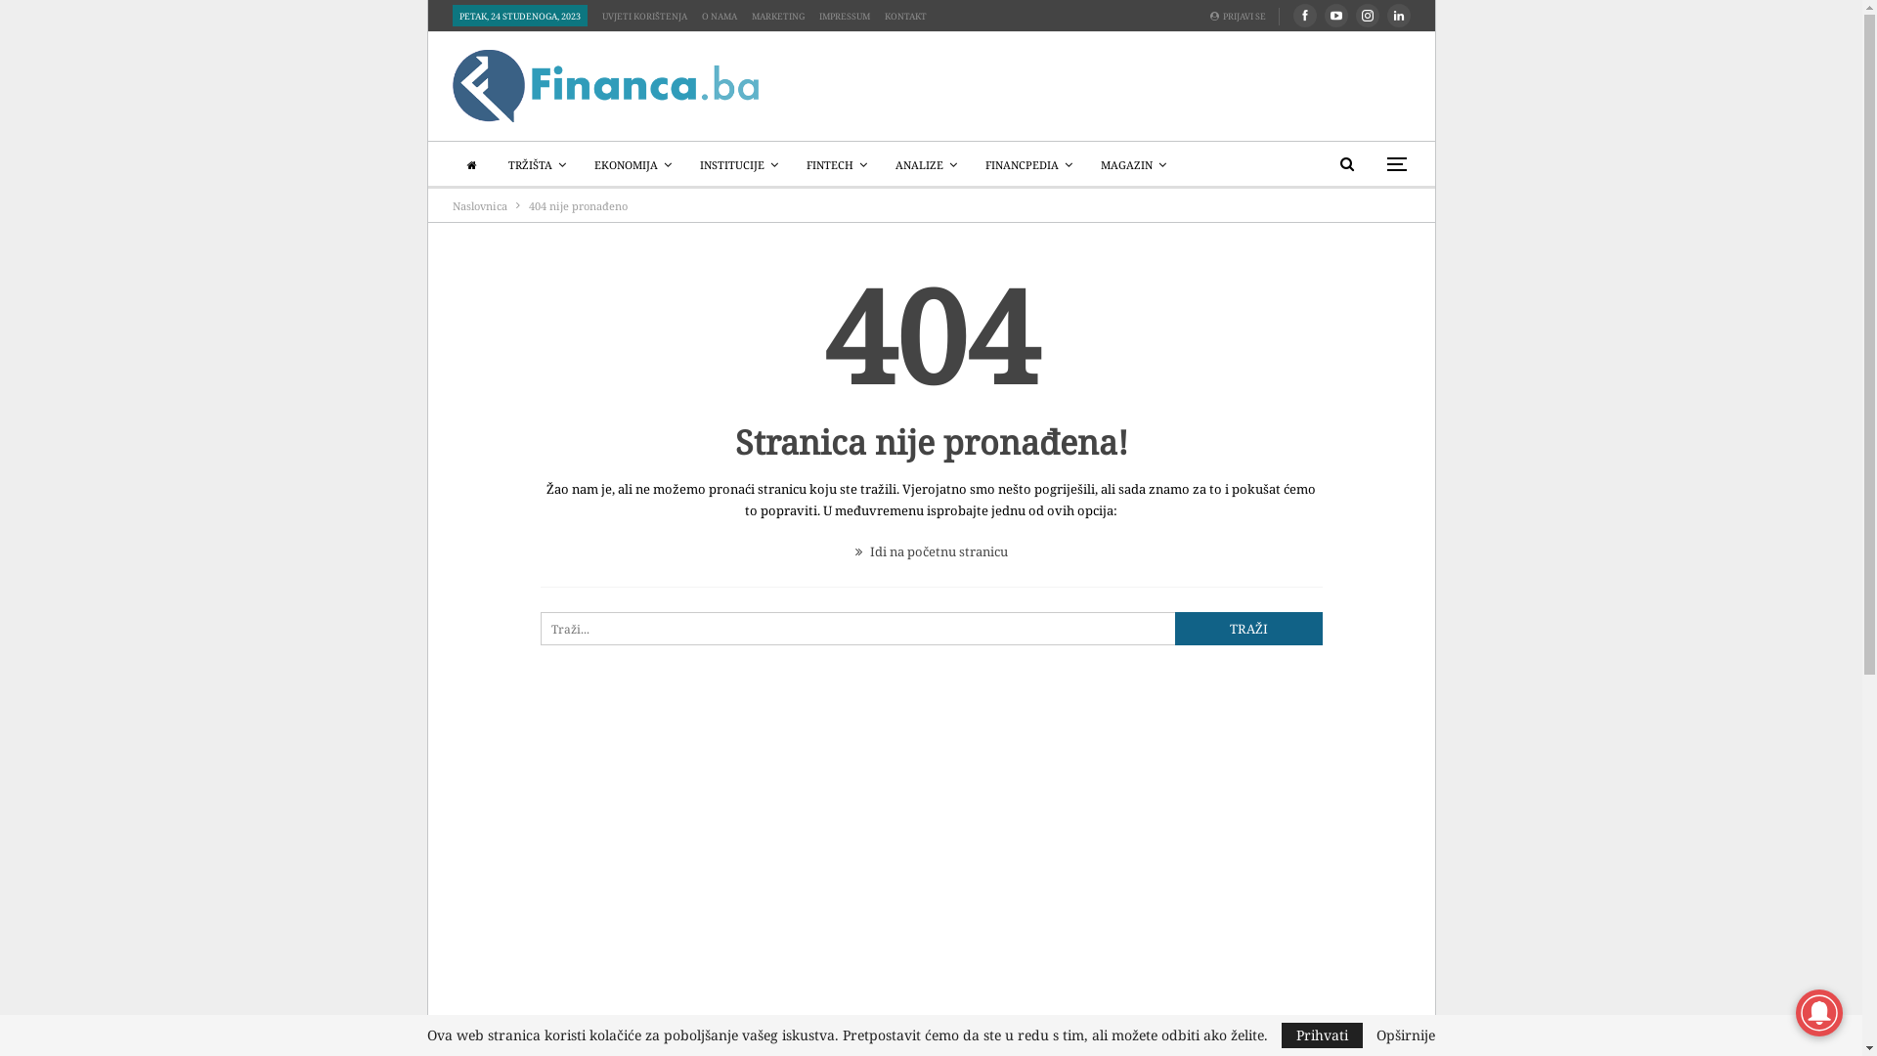  Describe the element at coordinates (633, 164) in the screenshot. I see `'EKONOMIJA'` at that location.